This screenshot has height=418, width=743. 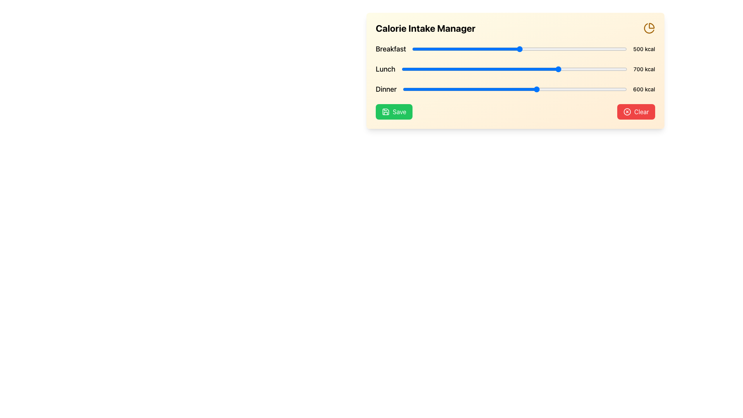 I want to click on Dinner kcal, so click(x=521, y=89).